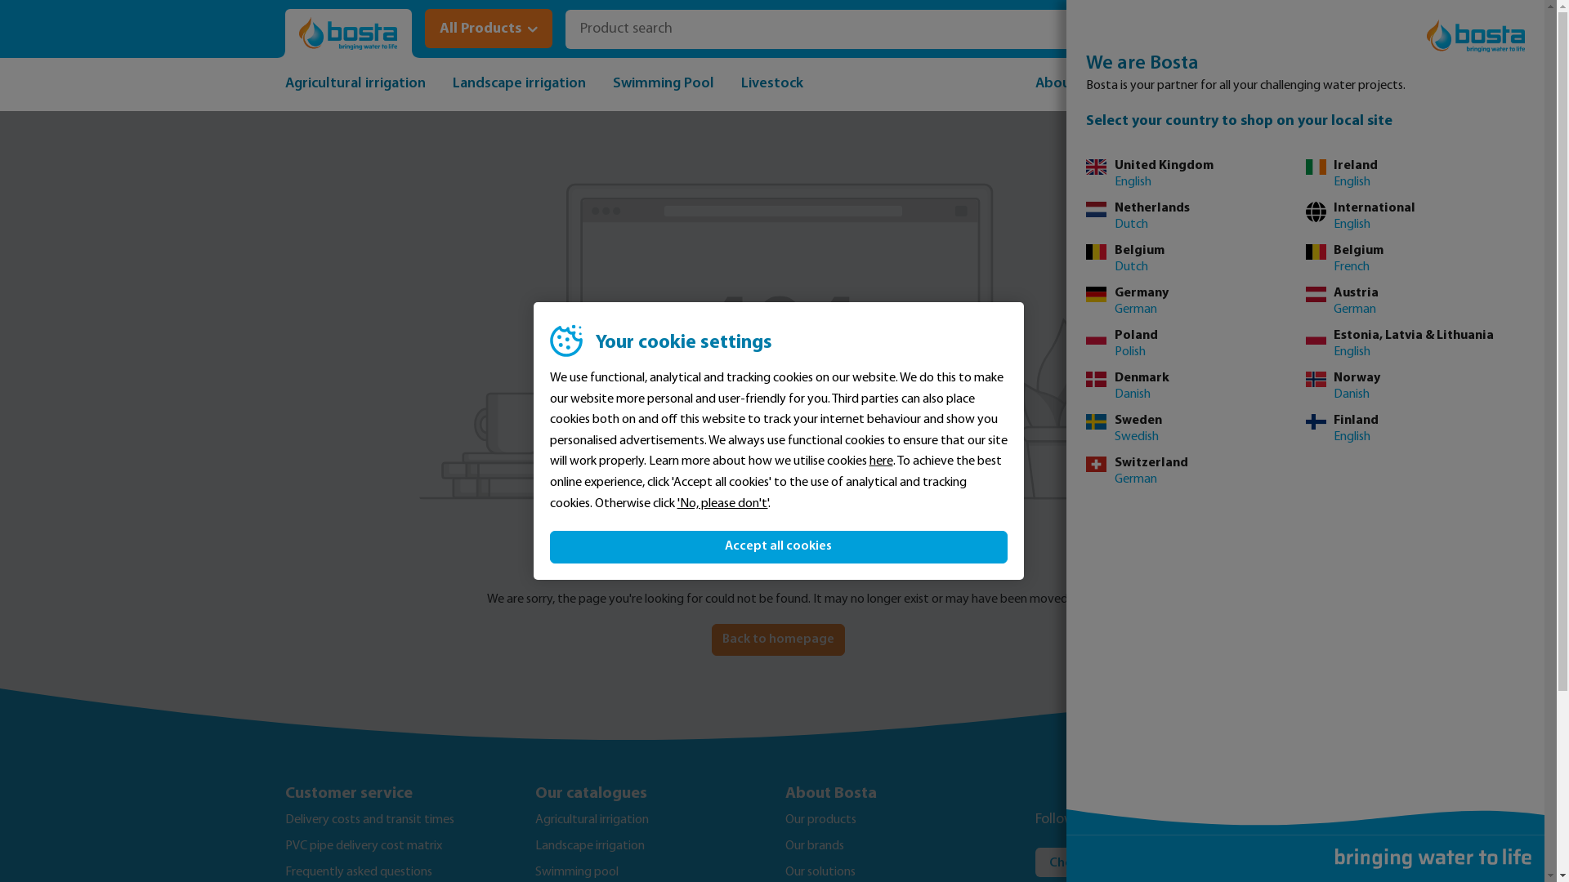  Describe the element at coordinates (1415, 173) in the screenshot. I see `'Ireland` at that location.